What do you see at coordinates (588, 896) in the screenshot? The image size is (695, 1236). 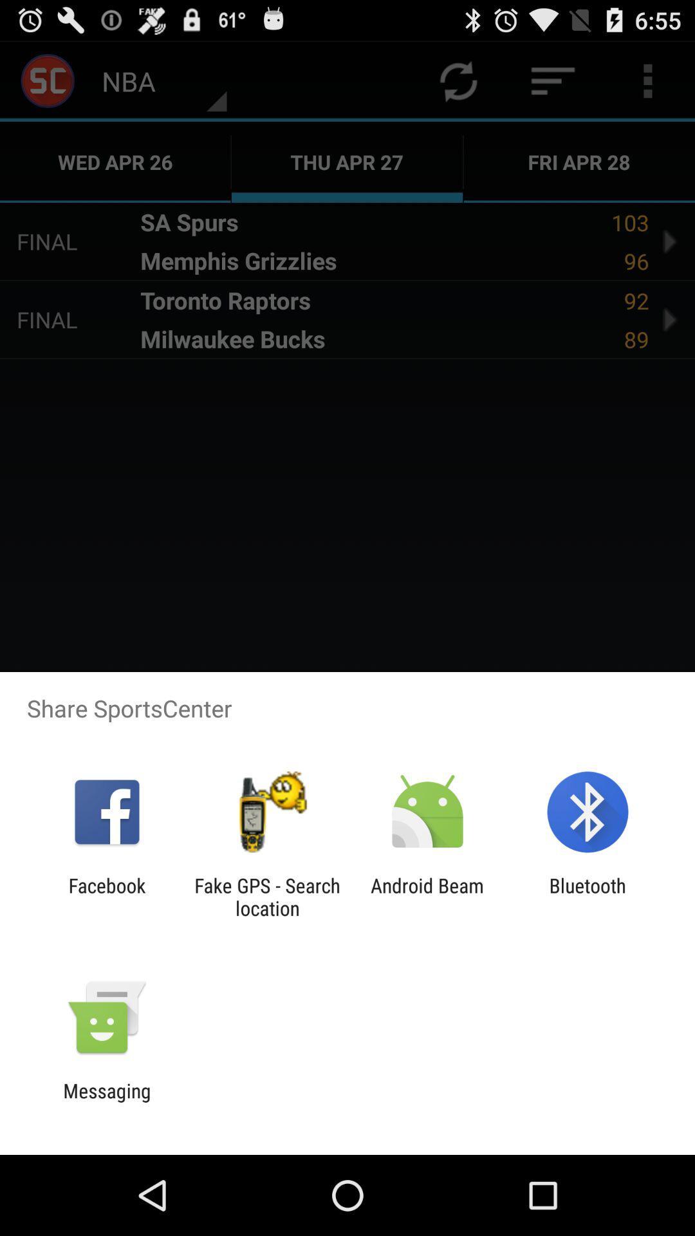 I see `the bluetooth` at bounding box center [588, 896].